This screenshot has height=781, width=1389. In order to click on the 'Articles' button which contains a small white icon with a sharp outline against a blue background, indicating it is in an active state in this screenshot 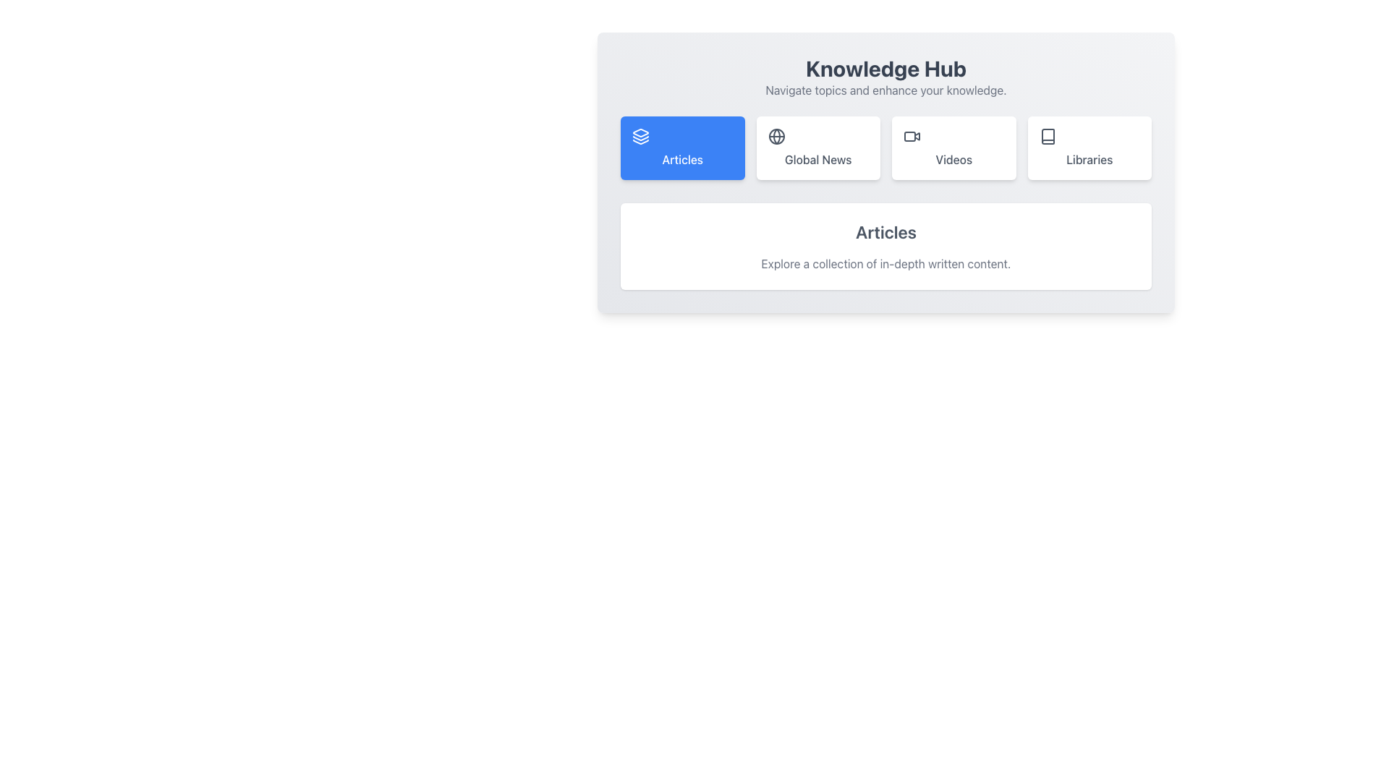, I will do `click(640, 137)`.